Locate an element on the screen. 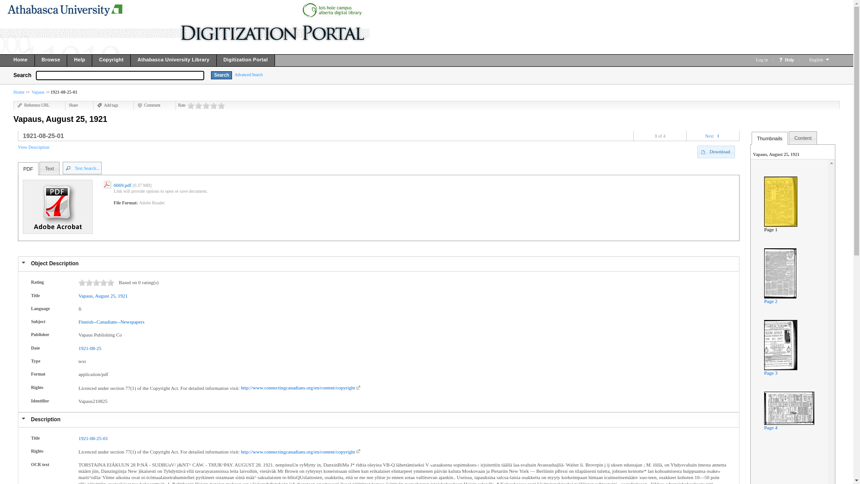 The height and width of the screenshot is (484, 860). 'Reference URL' is located at coordinates (34, 104).